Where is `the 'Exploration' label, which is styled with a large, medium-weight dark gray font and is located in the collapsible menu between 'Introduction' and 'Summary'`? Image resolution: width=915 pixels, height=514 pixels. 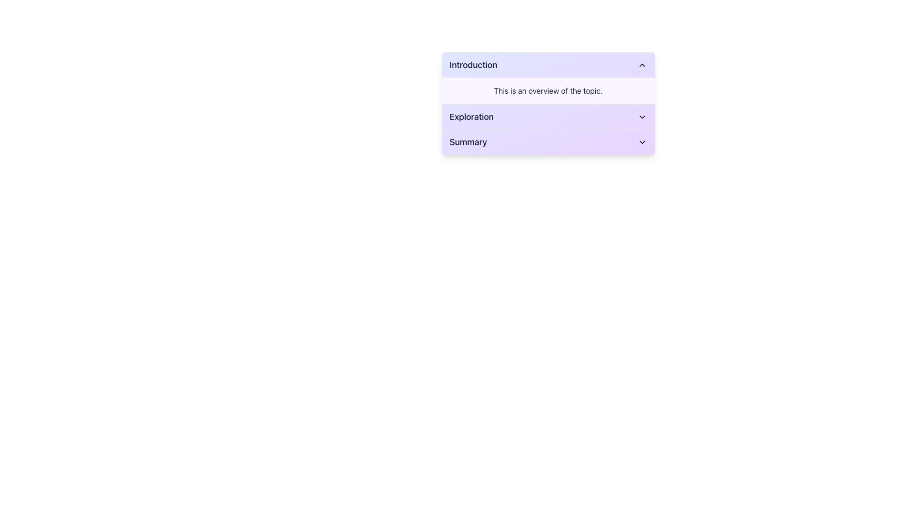
the 'Exploration' label, which is styled with a large, medium-weight dark gray font and is located in the collapsible menu between 'Introduction' and 'Summary' is located at coordinates (471, 117).